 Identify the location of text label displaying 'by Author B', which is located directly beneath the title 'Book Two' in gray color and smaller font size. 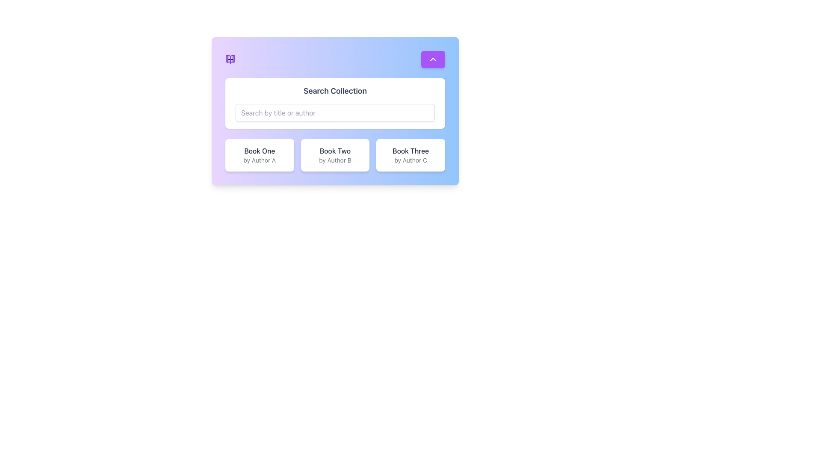
(334, 160).